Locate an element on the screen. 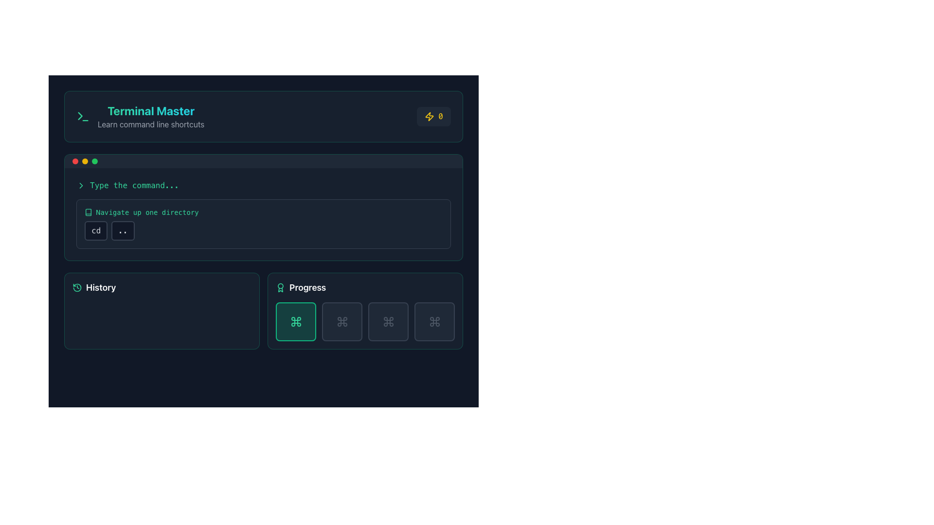 The width and height of the screenshot is (934, 525). the rightward-pointing chevron icon styled with a thin stroke in a bright color, located before the text 'Type the command...' is located at coordinates (81, 185).